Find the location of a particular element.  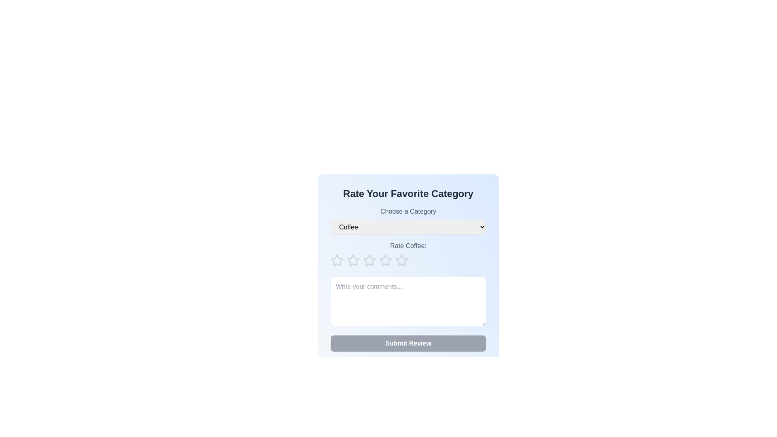

the second star icon in the rating interface is located at coordinates (385, 260).